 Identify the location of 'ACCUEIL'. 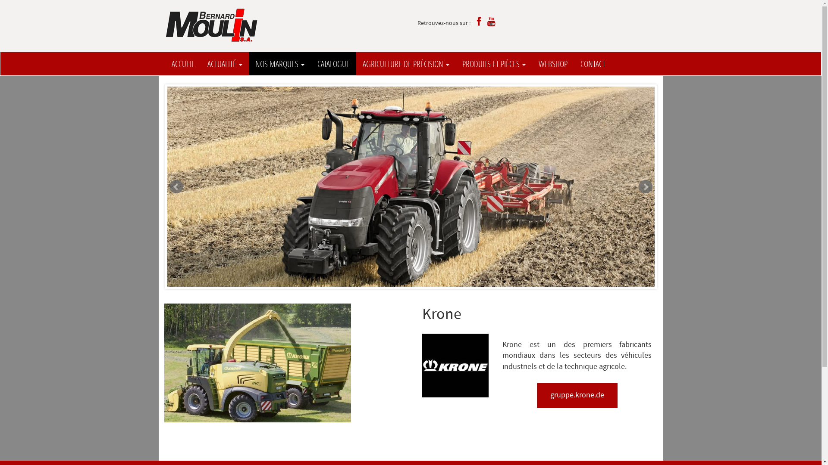
(182, 63).